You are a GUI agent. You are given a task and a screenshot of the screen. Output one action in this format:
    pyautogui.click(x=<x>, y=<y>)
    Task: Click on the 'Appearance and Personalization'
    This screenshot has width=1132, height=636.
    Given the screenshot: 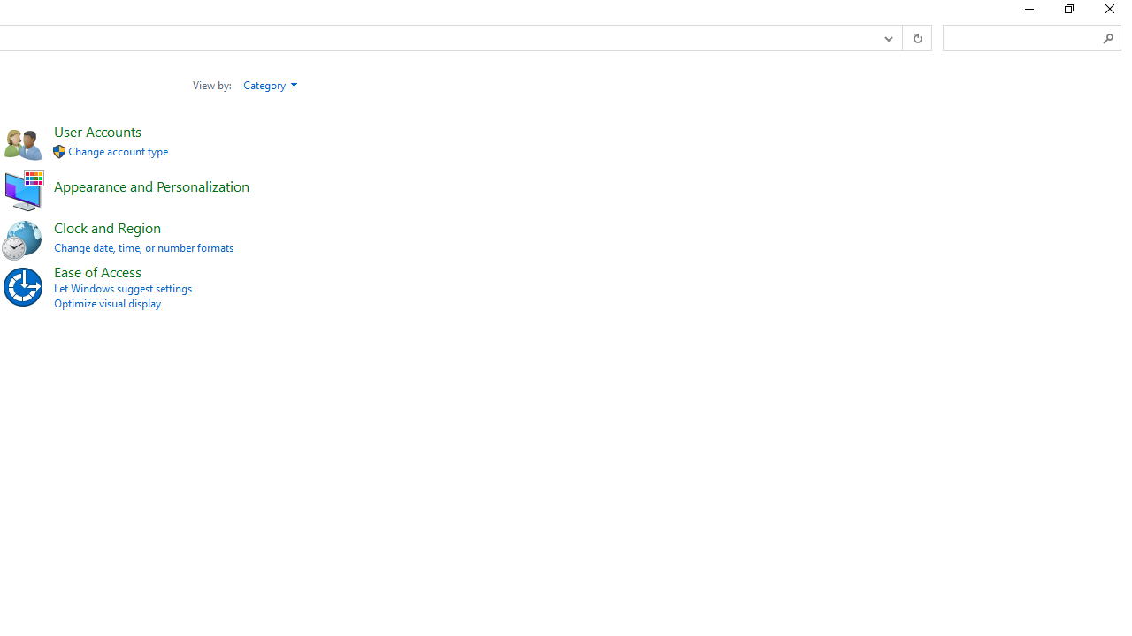 What is the action you would take?
    pyautogui.click(x=151, y=185)
    